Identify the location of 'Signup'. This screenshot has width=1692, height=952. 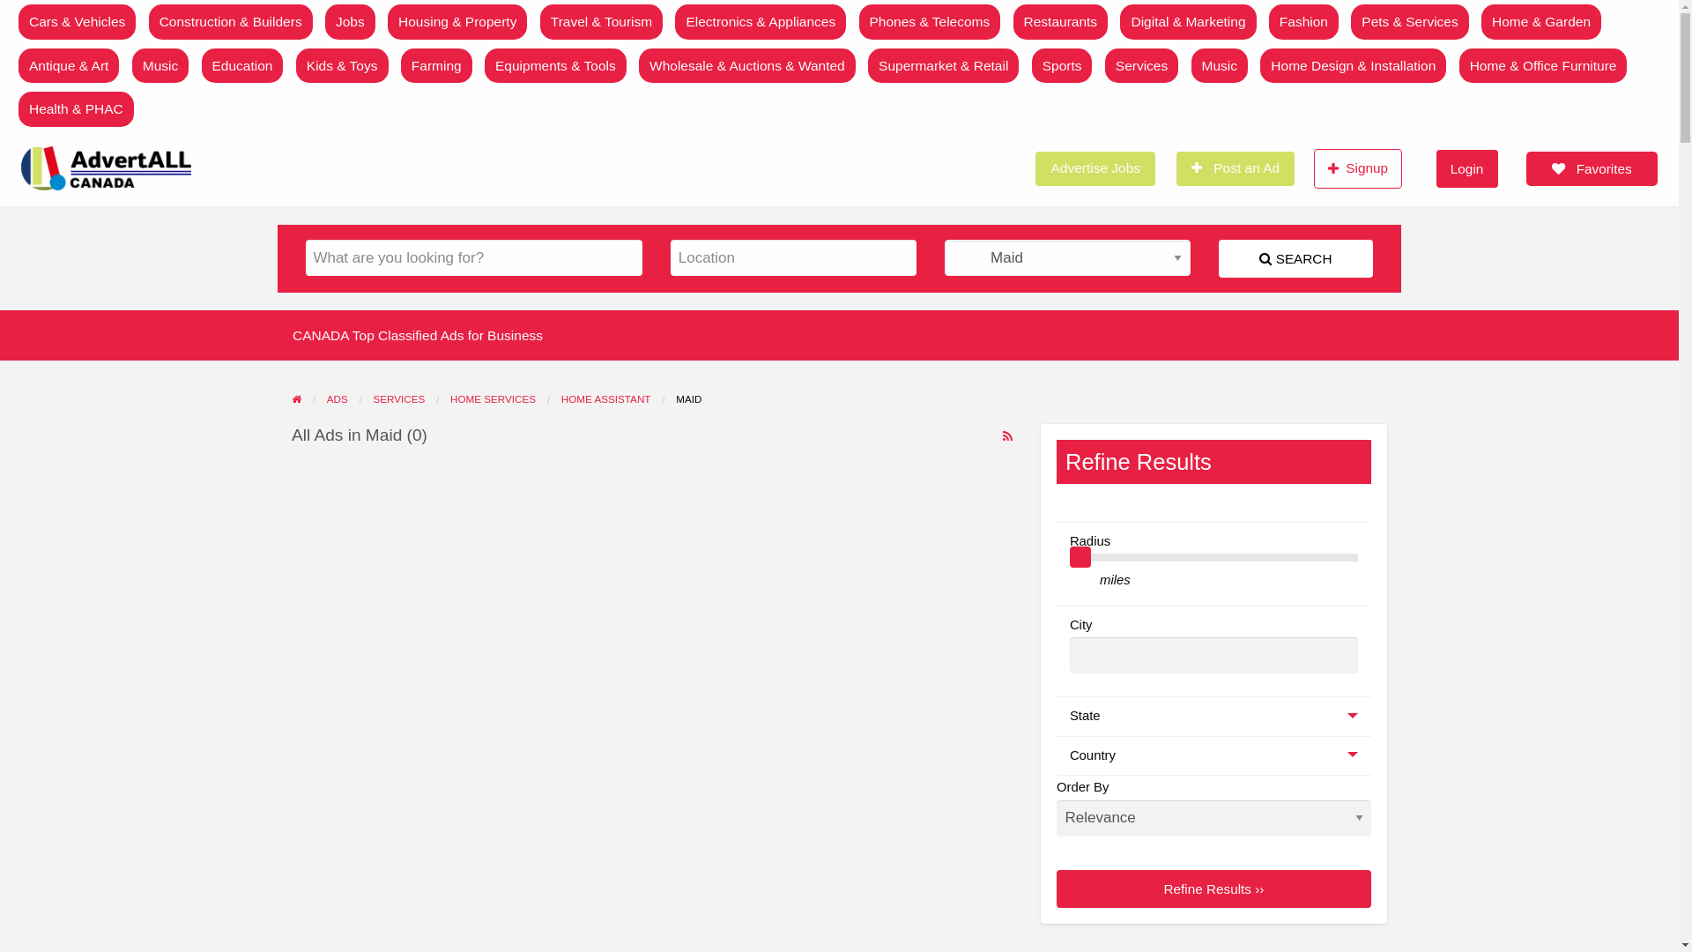
(1357, 168).